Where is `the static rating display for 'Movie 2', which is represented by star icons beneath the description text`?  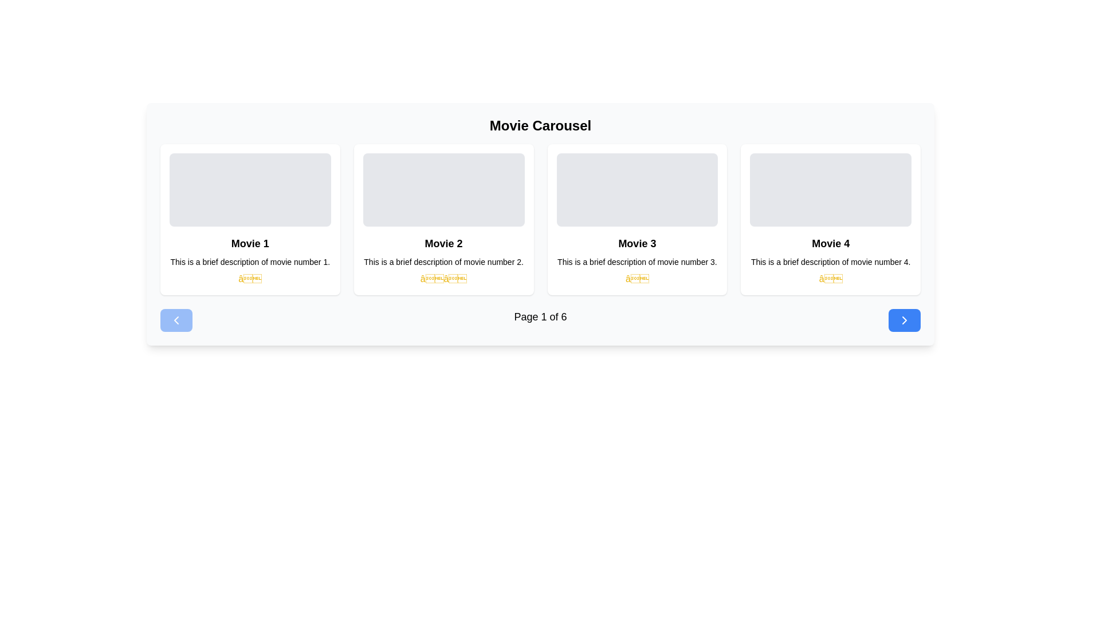
the static rating display for 'Movie 2', which is represented by star icons beneath the description text is located at coordinates (443, 279).